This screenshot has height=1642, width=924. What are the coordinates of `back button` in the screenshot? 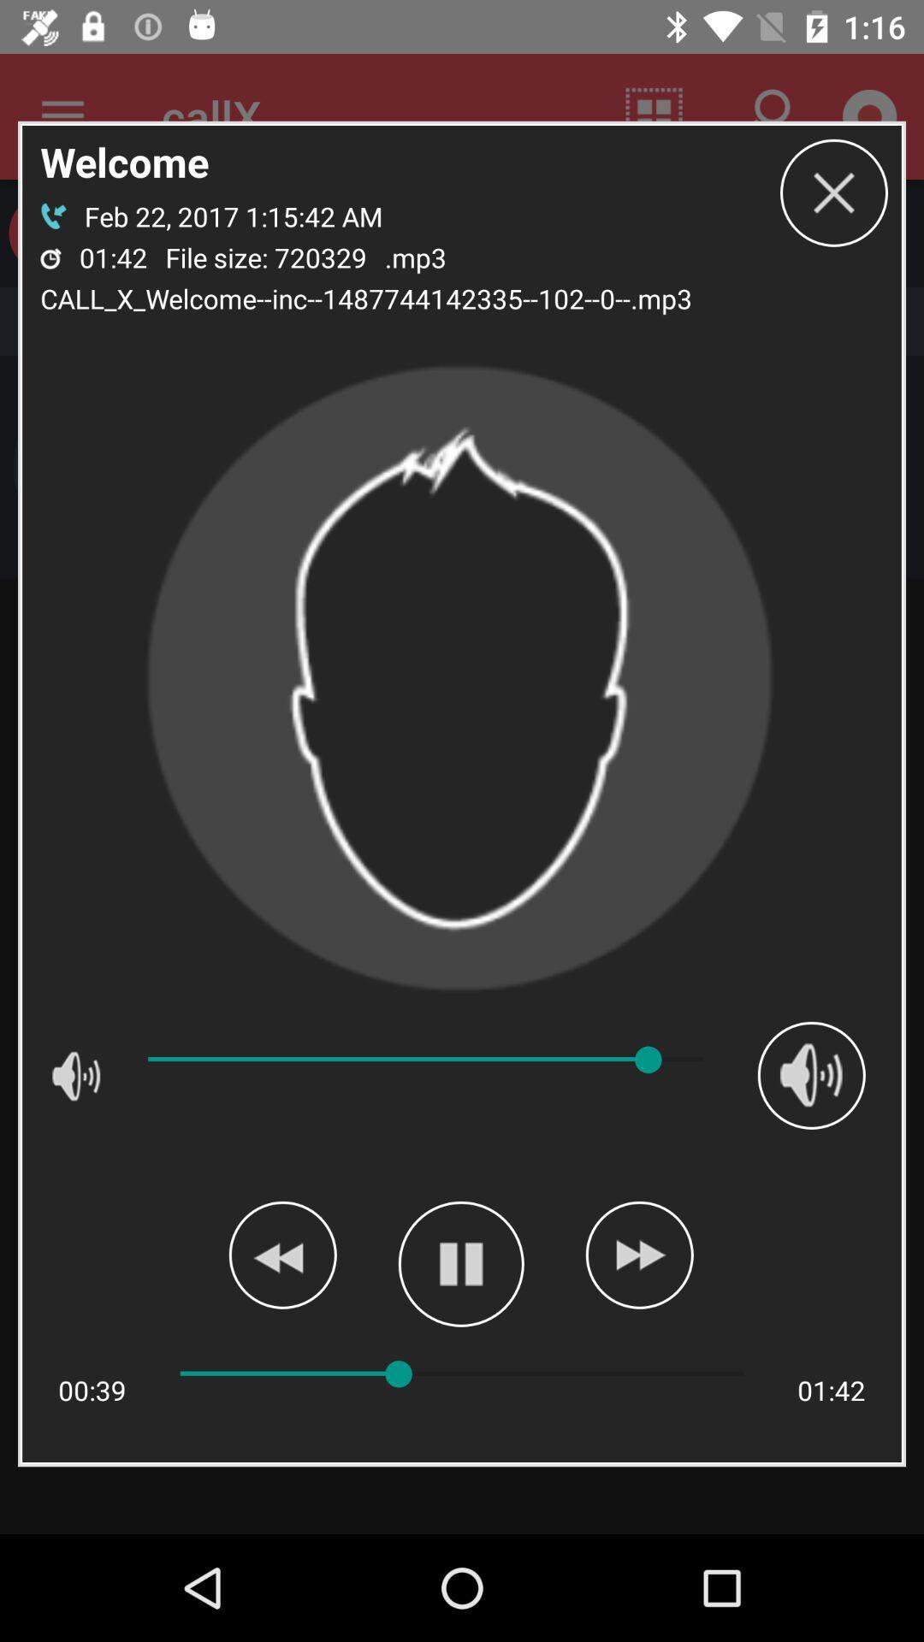 It's located at (281, 1255).